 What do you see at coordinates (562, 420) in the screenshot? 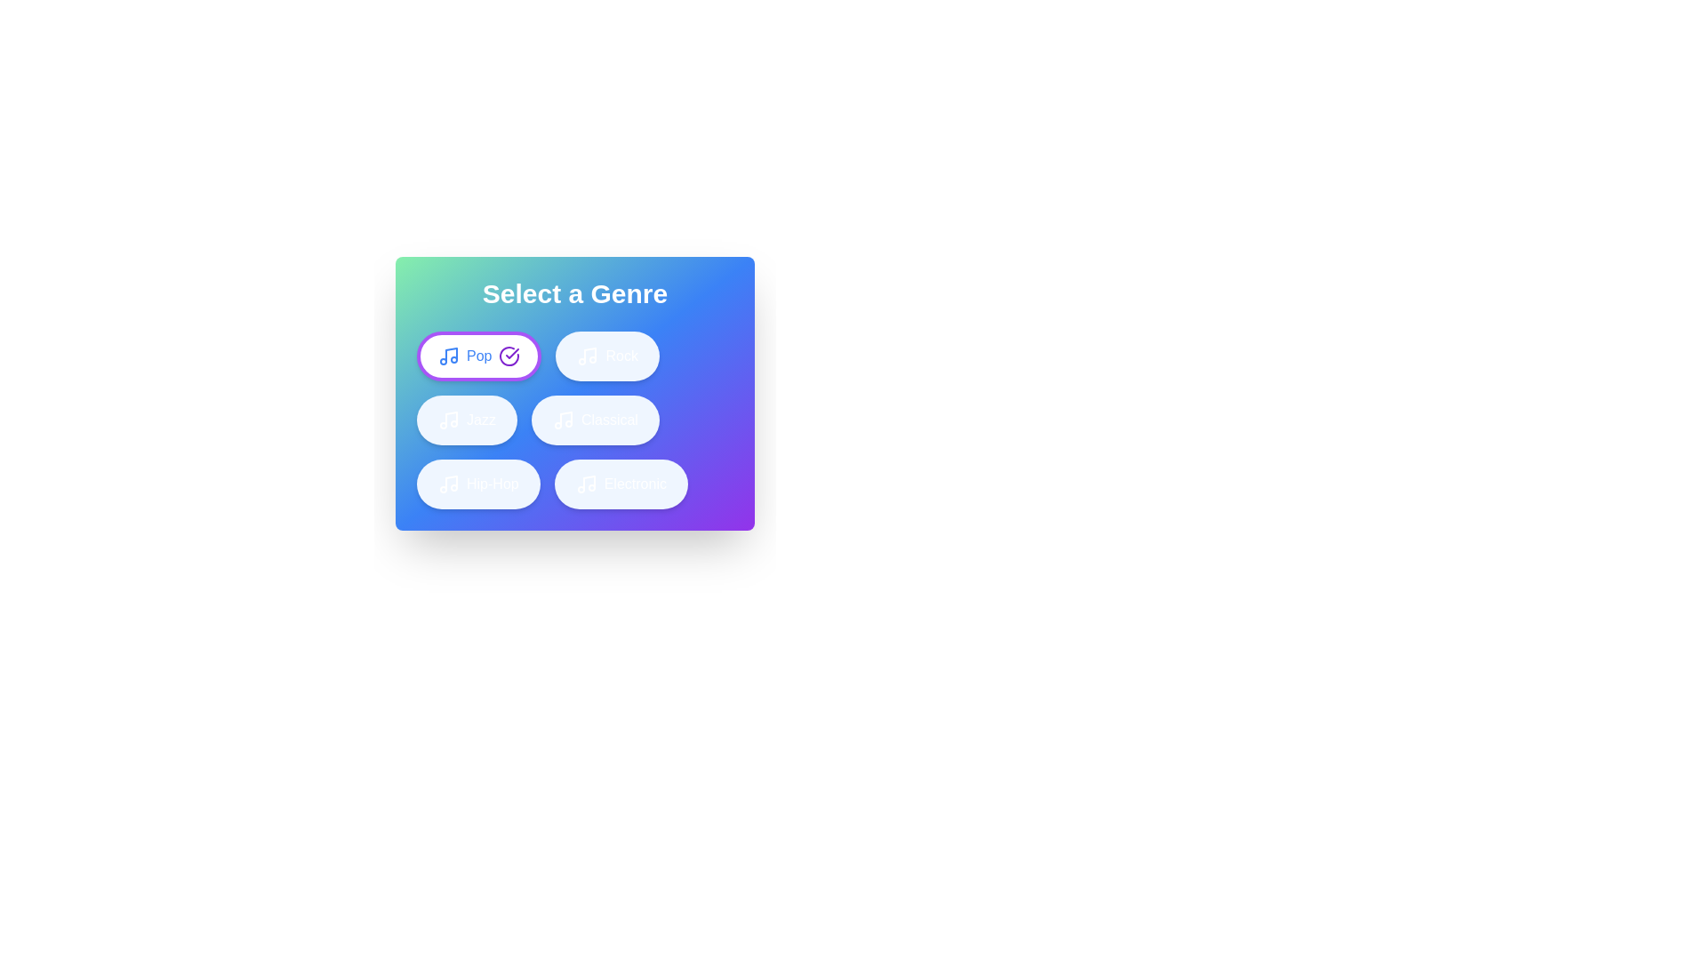
I see `properties of the music icon located within the 'Classical' button, which is positioned in the second row and second column of the grid layout` at bounding box center [562, 420].